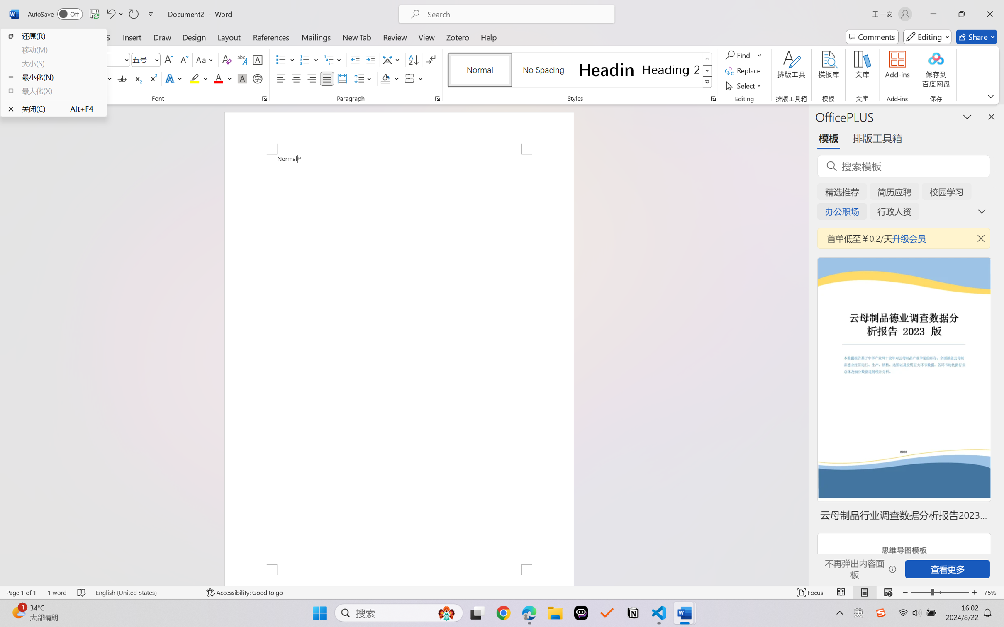 This screenshot has width=1004, height=627. Describe the element at coordinates (872, 36) in the screenshot. I see `'Comments'` at that location.